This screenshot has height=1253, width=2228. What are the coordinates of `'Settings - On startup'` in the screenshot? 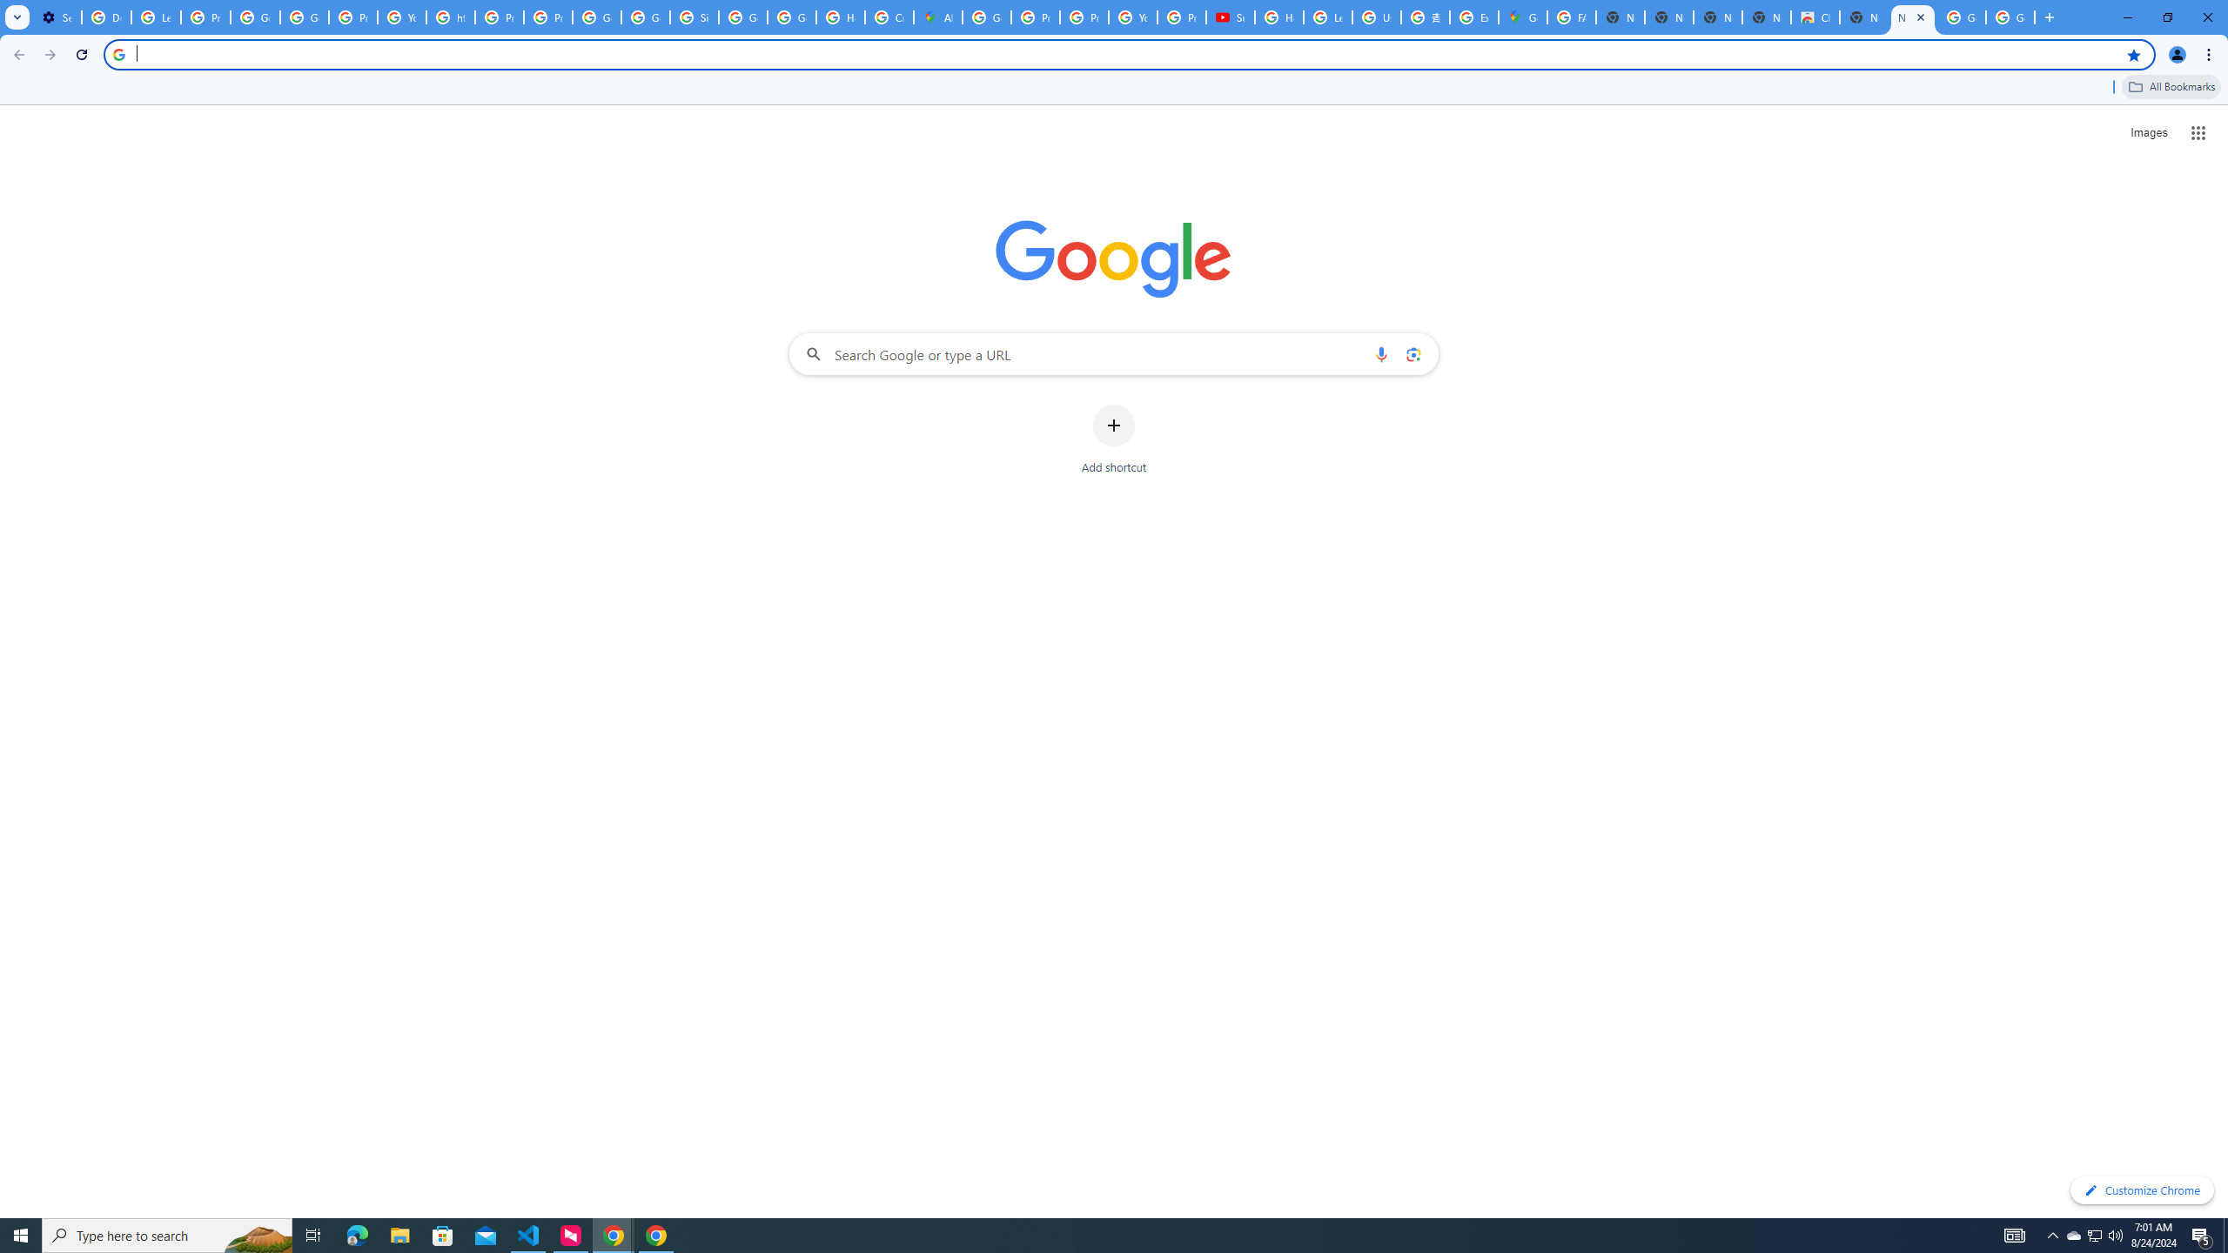 It's located at (57, 17).